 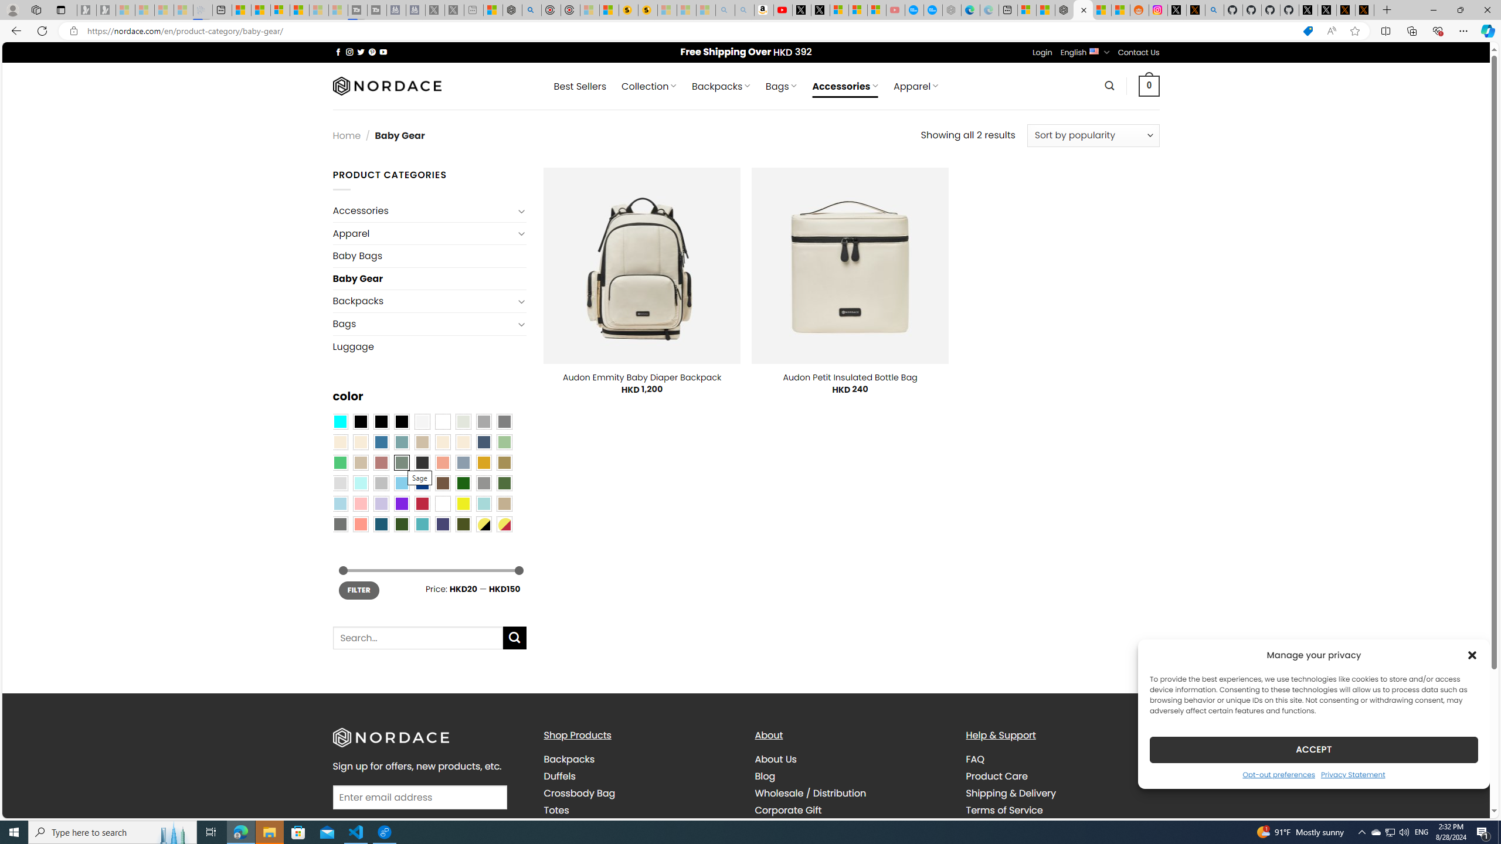 I want to click on 'Gray', so click(x=483, y=482).